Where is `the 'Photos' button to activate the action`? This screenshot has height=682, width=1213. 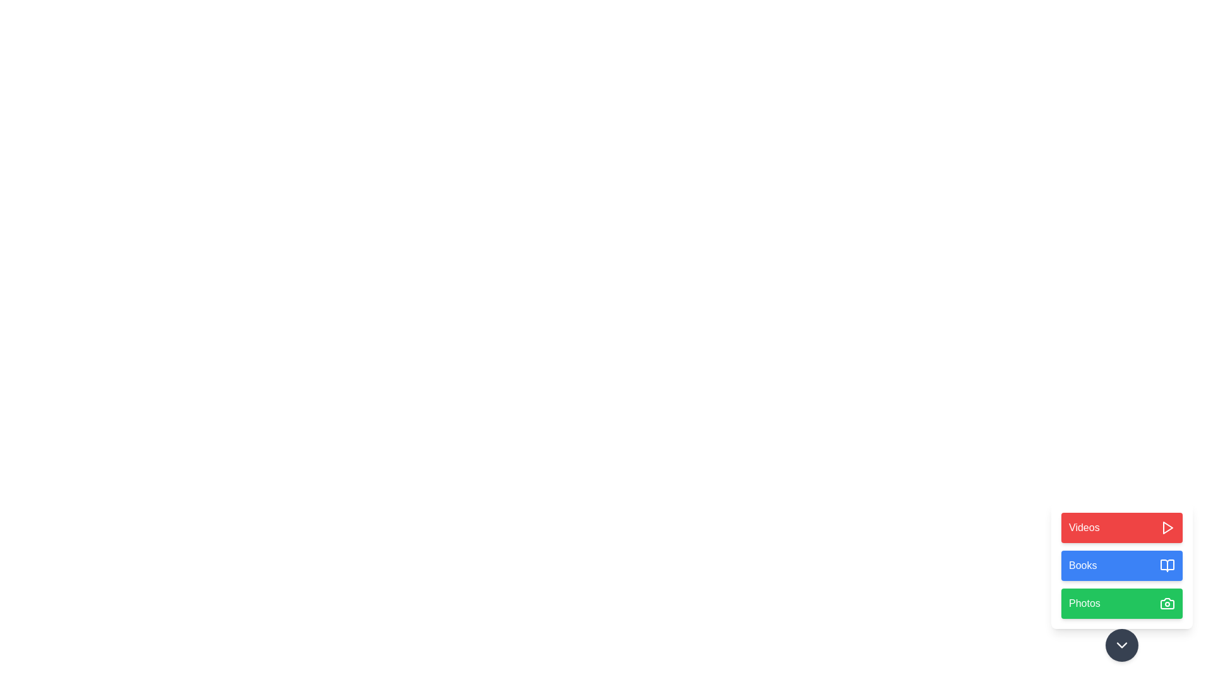 the 'Photos' button to activate the action is located at coordinates (1122, 603).